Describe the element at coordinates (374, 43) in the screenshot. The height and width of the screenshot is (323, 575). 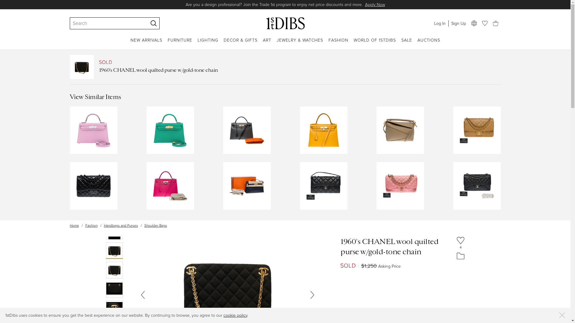
I see `'WORLD OF 1STDIBS'` at that location.